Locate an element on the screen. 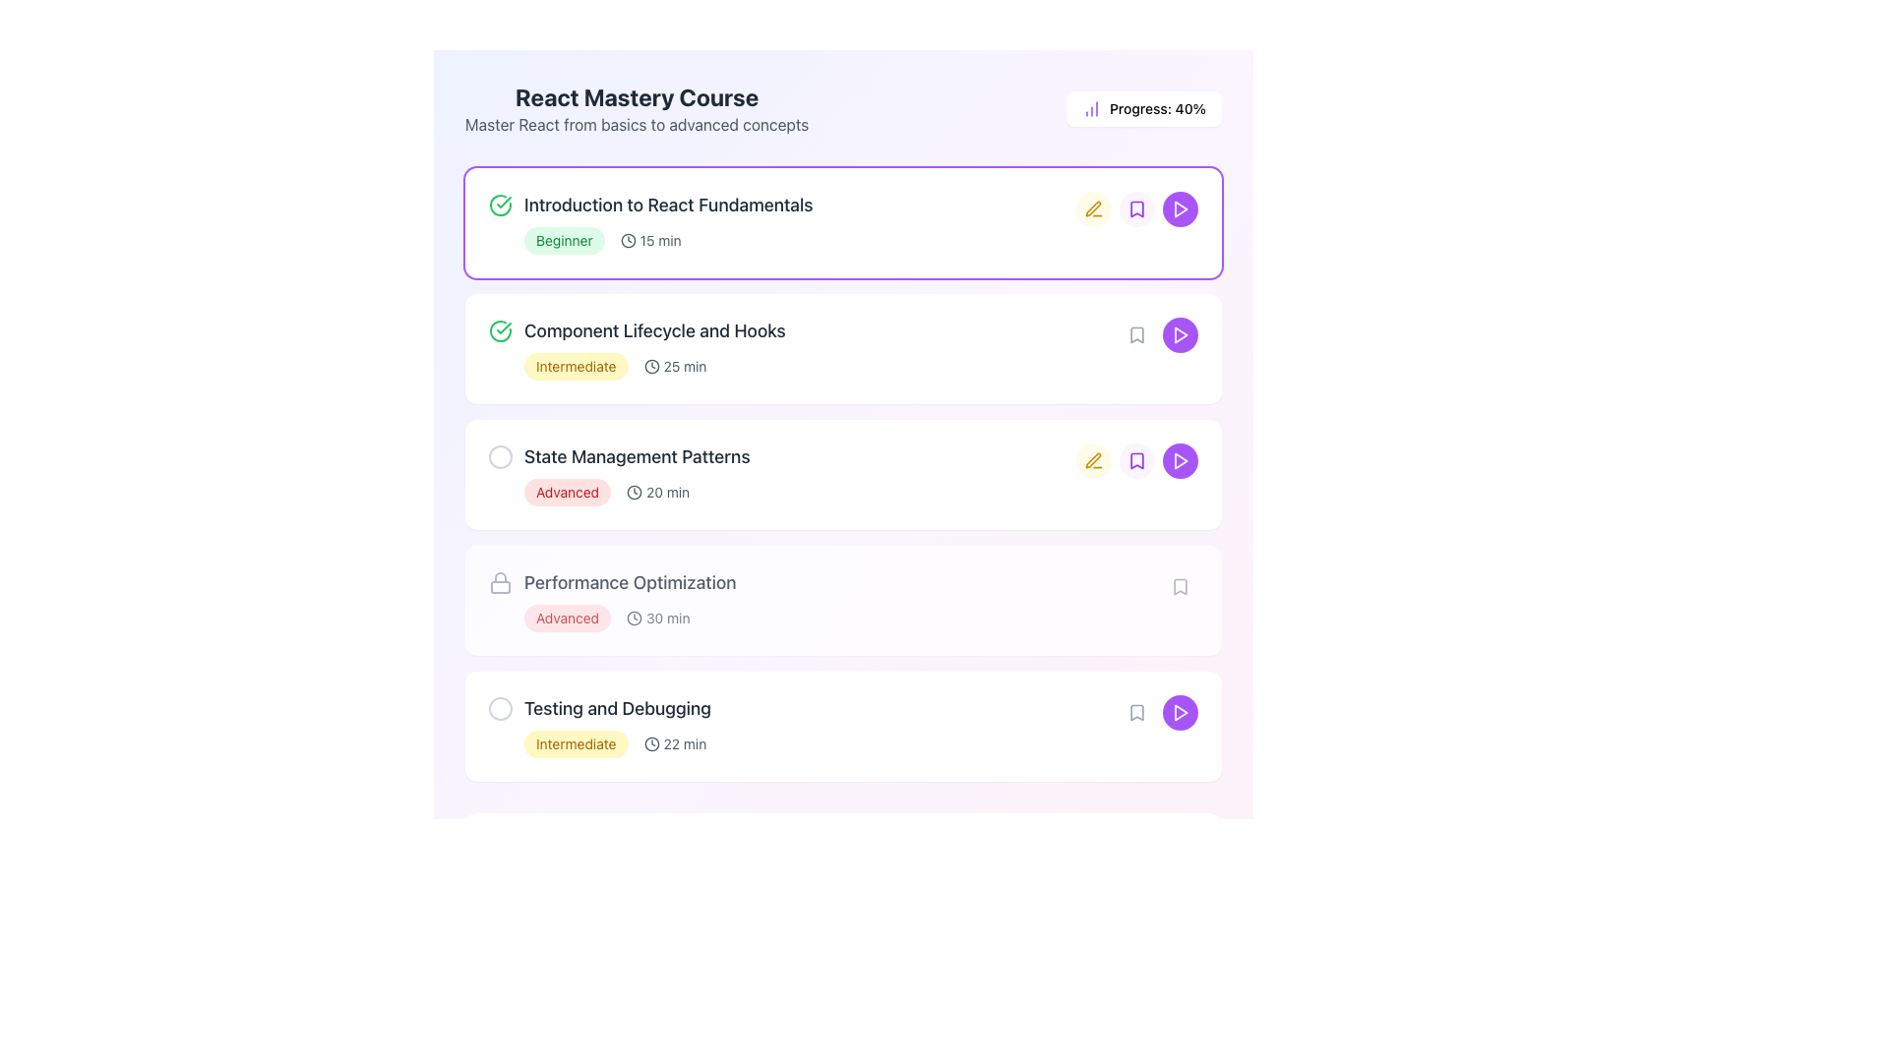 The width and height of the screenshot is (1889, 1062). the label 'Advanced' with a red background and white text, which includes a clock icon and the text '30 min', located under the 'Performance Optimization' section is located at coordinates (843, 617).